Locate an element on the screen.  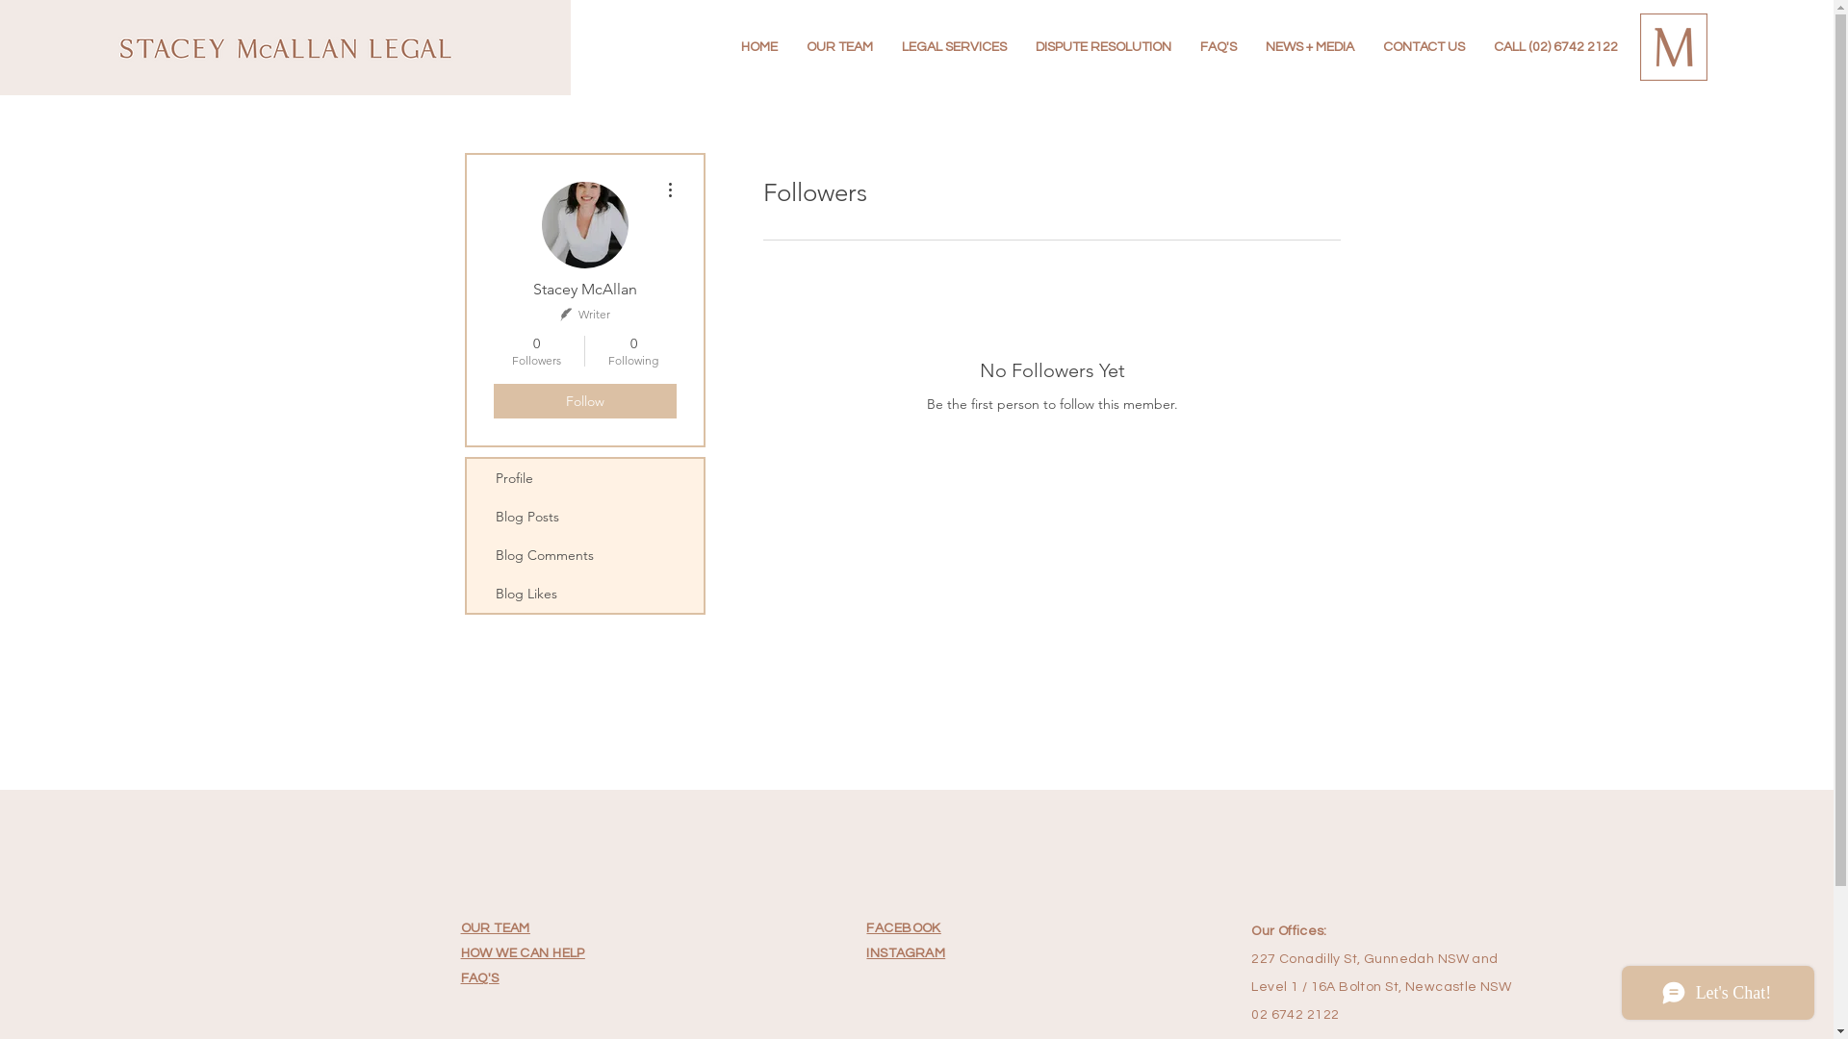
'0 is located at coordinates (633, 351).